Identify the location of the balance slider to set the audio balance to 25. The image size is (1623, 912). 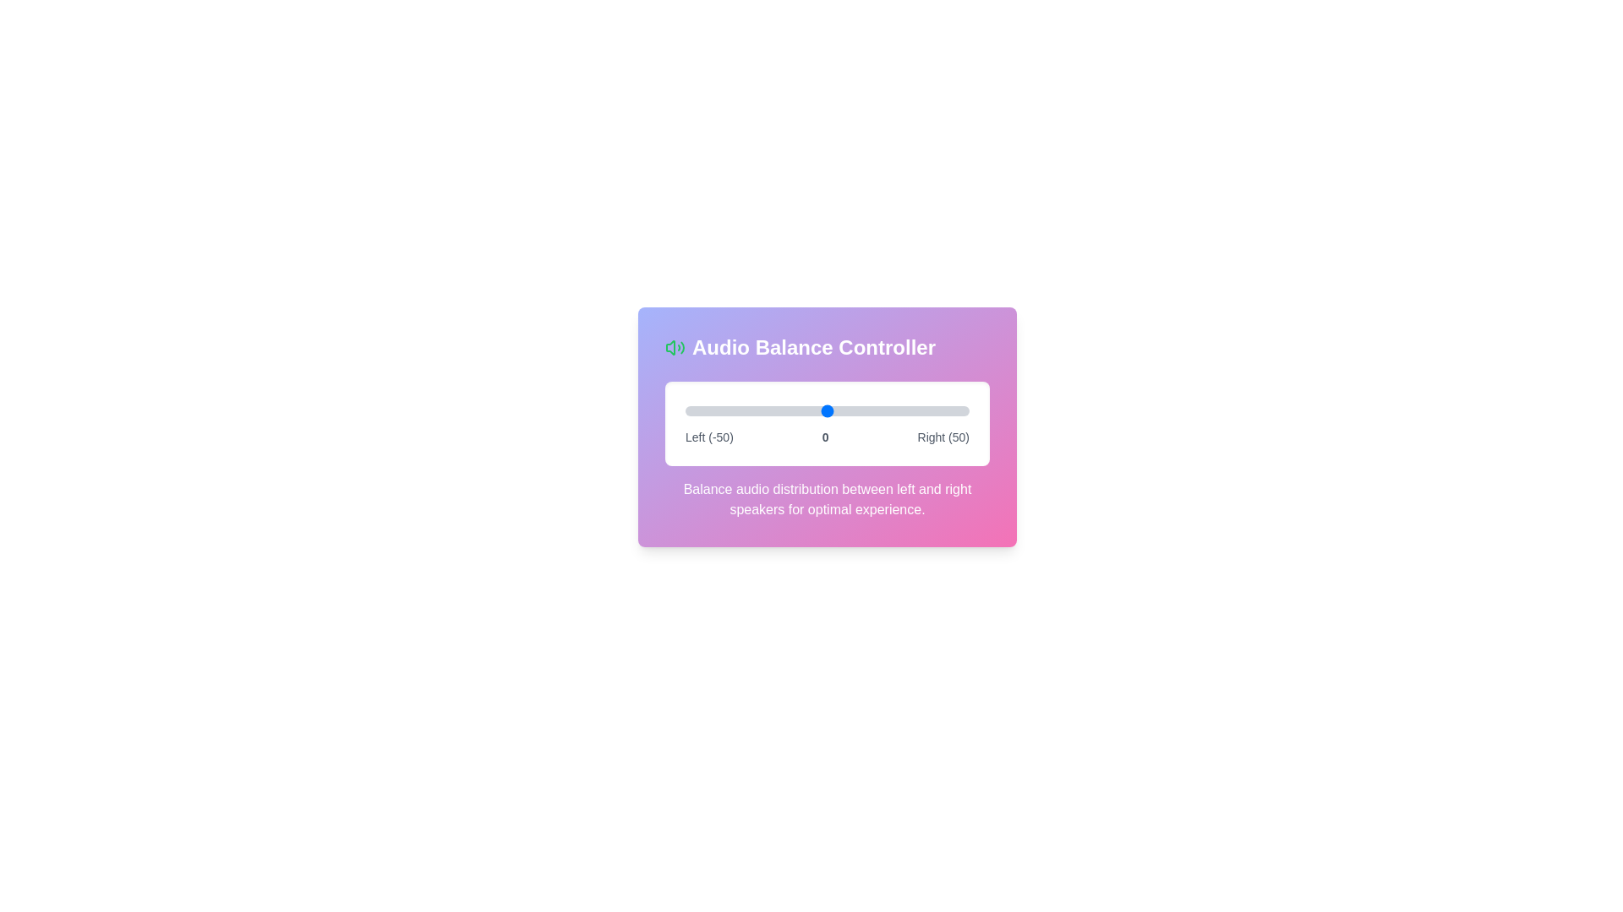
(897, 410).